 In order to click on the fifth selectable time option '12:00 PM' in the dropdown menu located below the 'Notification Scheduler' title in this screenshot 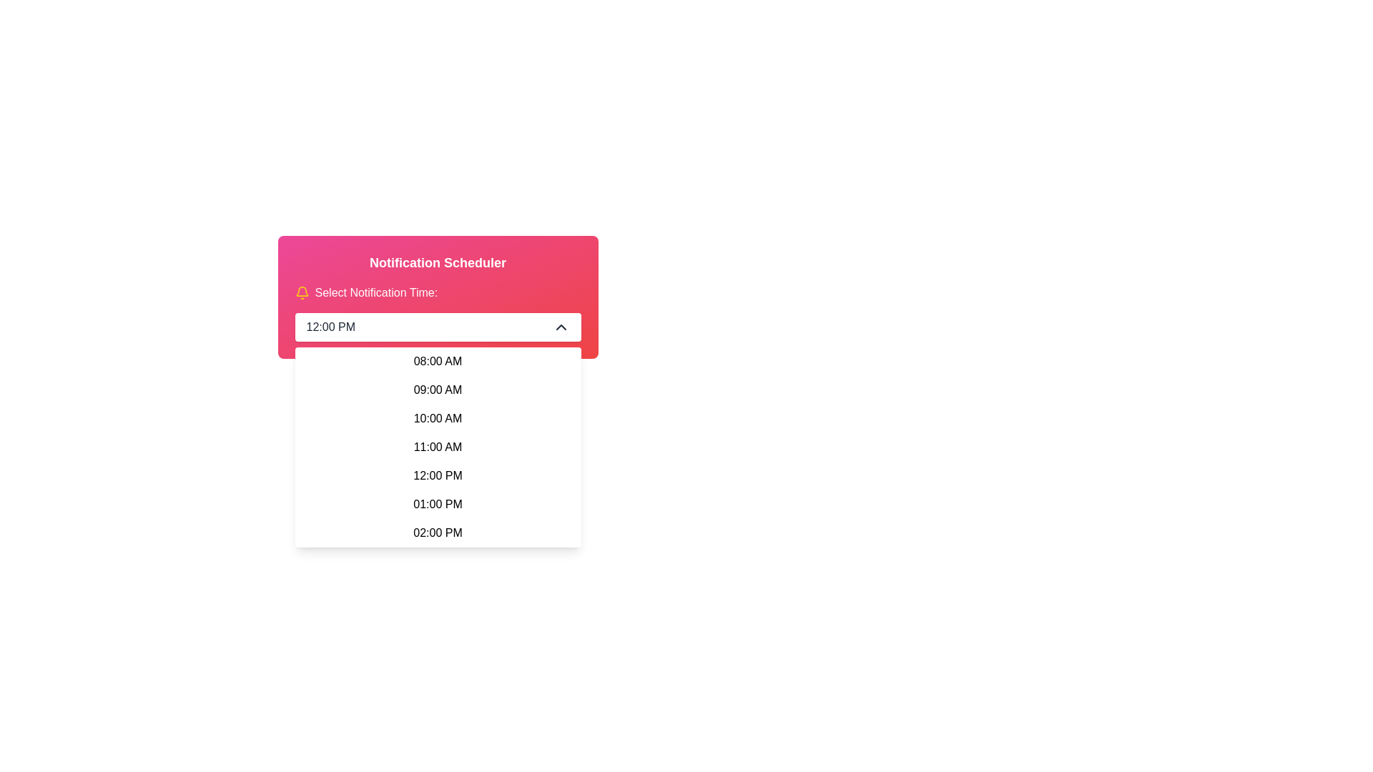, I will do `click(437, 476)`.